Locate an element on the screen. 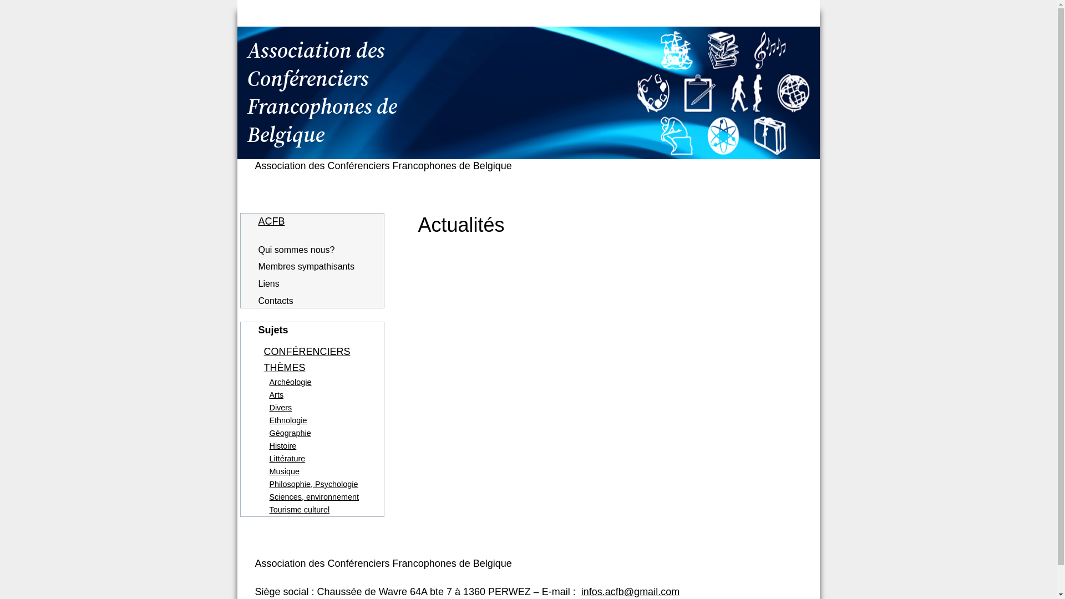  'Ethnologie' is located at coordinates (288, 420).